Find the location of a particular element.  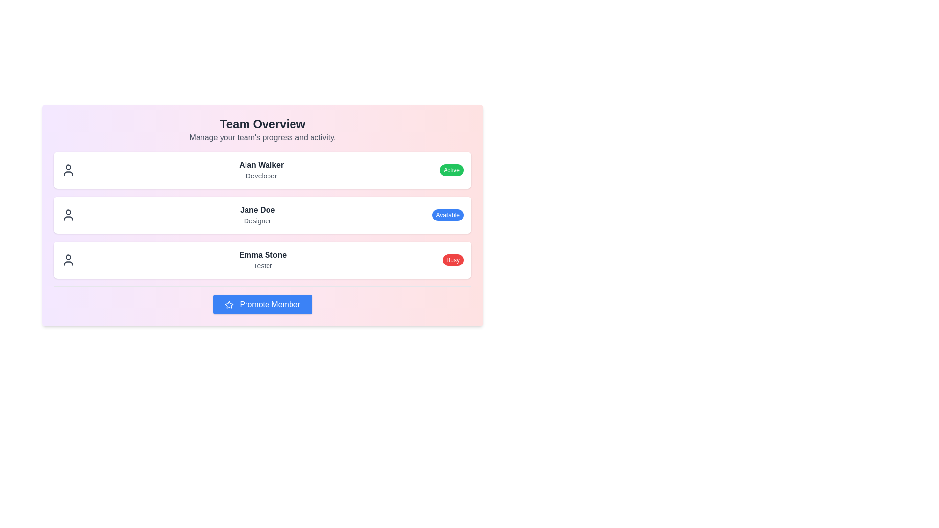

the text label displaying 'Emma Stone' in bold dark gray, which is centrally located in the row of team members is located at coordinates (263, 254).